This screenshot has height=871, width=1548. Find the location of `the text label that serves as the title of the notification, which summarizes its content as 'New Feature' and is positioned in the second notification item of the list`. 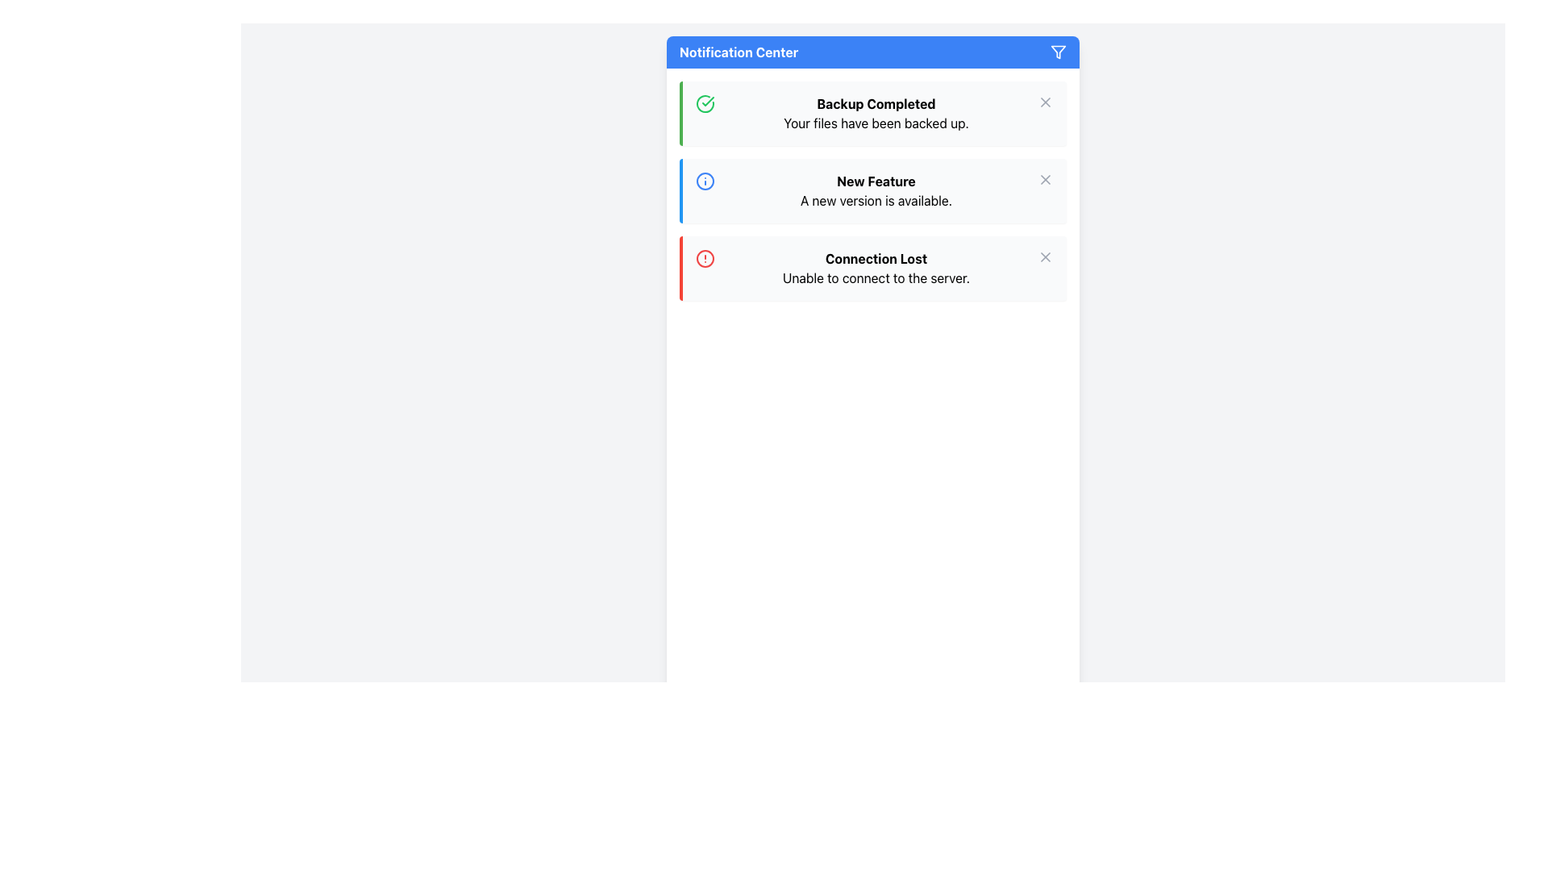

the text label that serves as the title of the notification, which summarizes its content as 'New Feature' and is positioned in the second notification item of the list is located at coordinates (875, 181).